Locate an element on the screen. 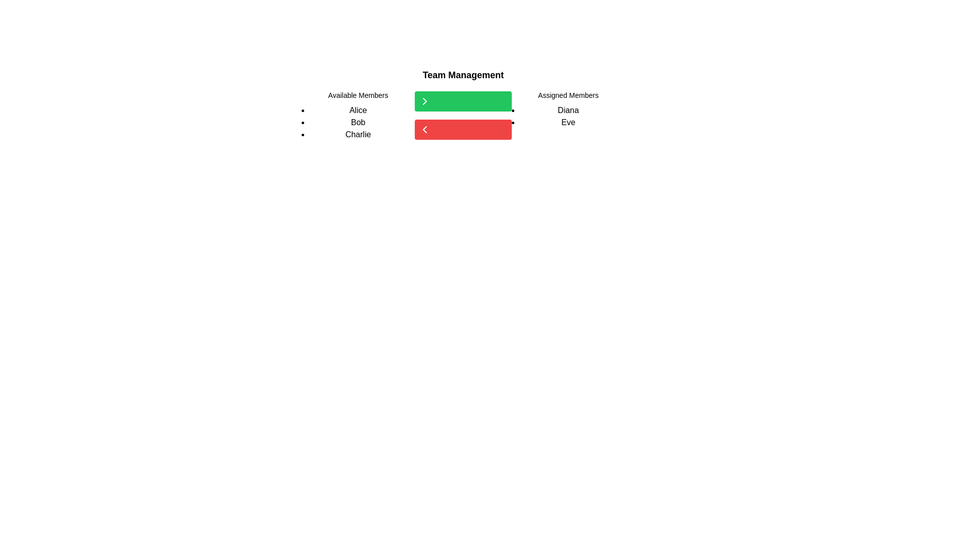 Image resolution: width=970 pixels, height=545 pixels. the label displaying the name 'Alice', which is the first entry under the header 'Available Members' in the vertical list is located at coordinates (358, 111).